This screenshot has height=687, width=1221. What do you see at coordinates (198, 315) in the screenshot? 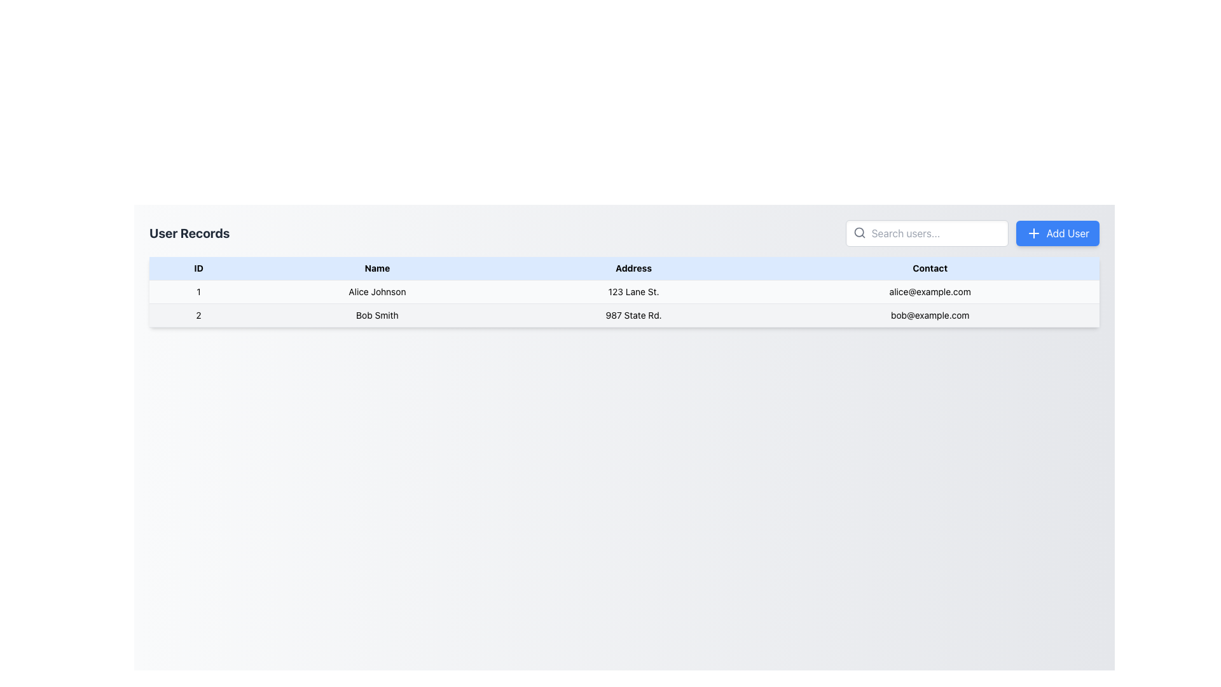
I see `the text item displaying the number '2', which is the leftmost item in the second row of a table under the 'ID' column` at bounding box center [198, 315].